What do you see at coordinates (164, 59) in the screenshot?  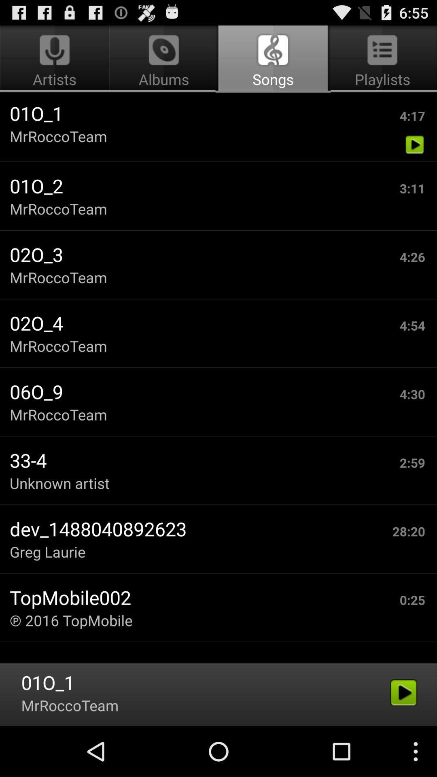 I see `the albums icon` at bounding box center [164, 59].